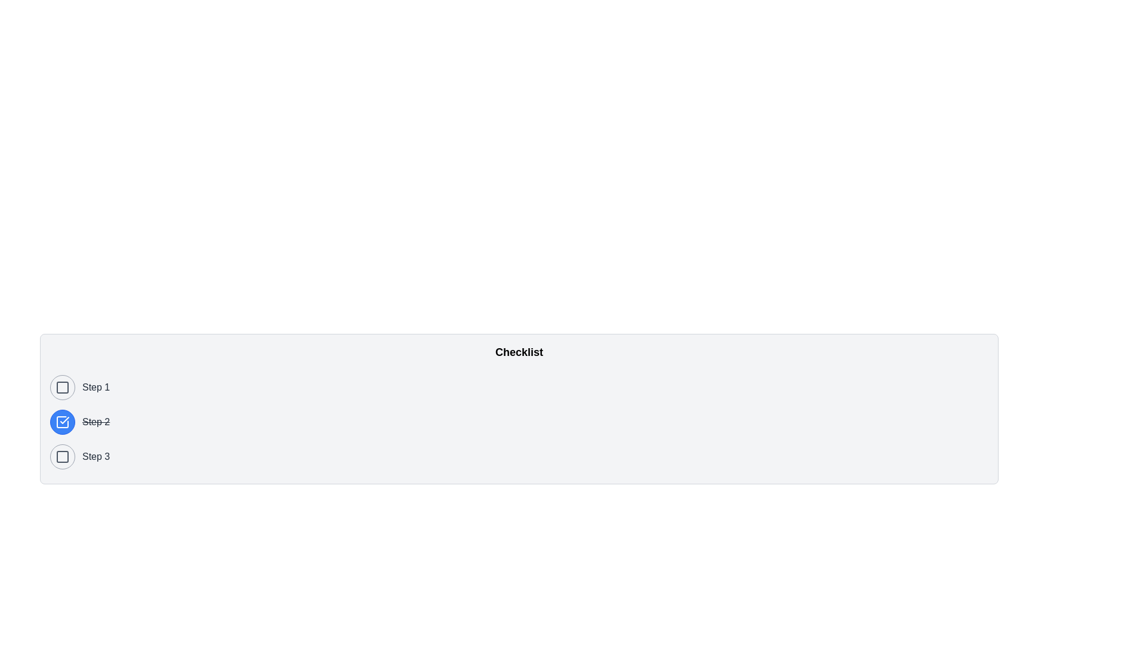 The image size is (1146, 645). I want to click on the 'Checklist' label, which is a bold and large text element positioned at the top of the checklist section, so click(519, 352).